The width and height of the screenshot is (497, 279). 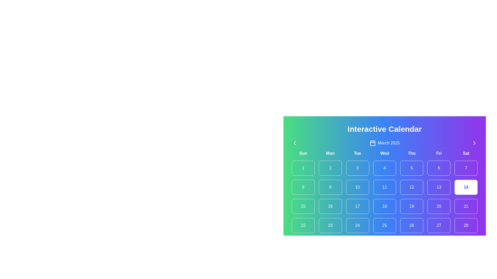 What do you see at coordinates (385, 187) in the screenshot?
I see `the rectangular button with rounded edges containing the text '11'` at bounding box center [385, 187].